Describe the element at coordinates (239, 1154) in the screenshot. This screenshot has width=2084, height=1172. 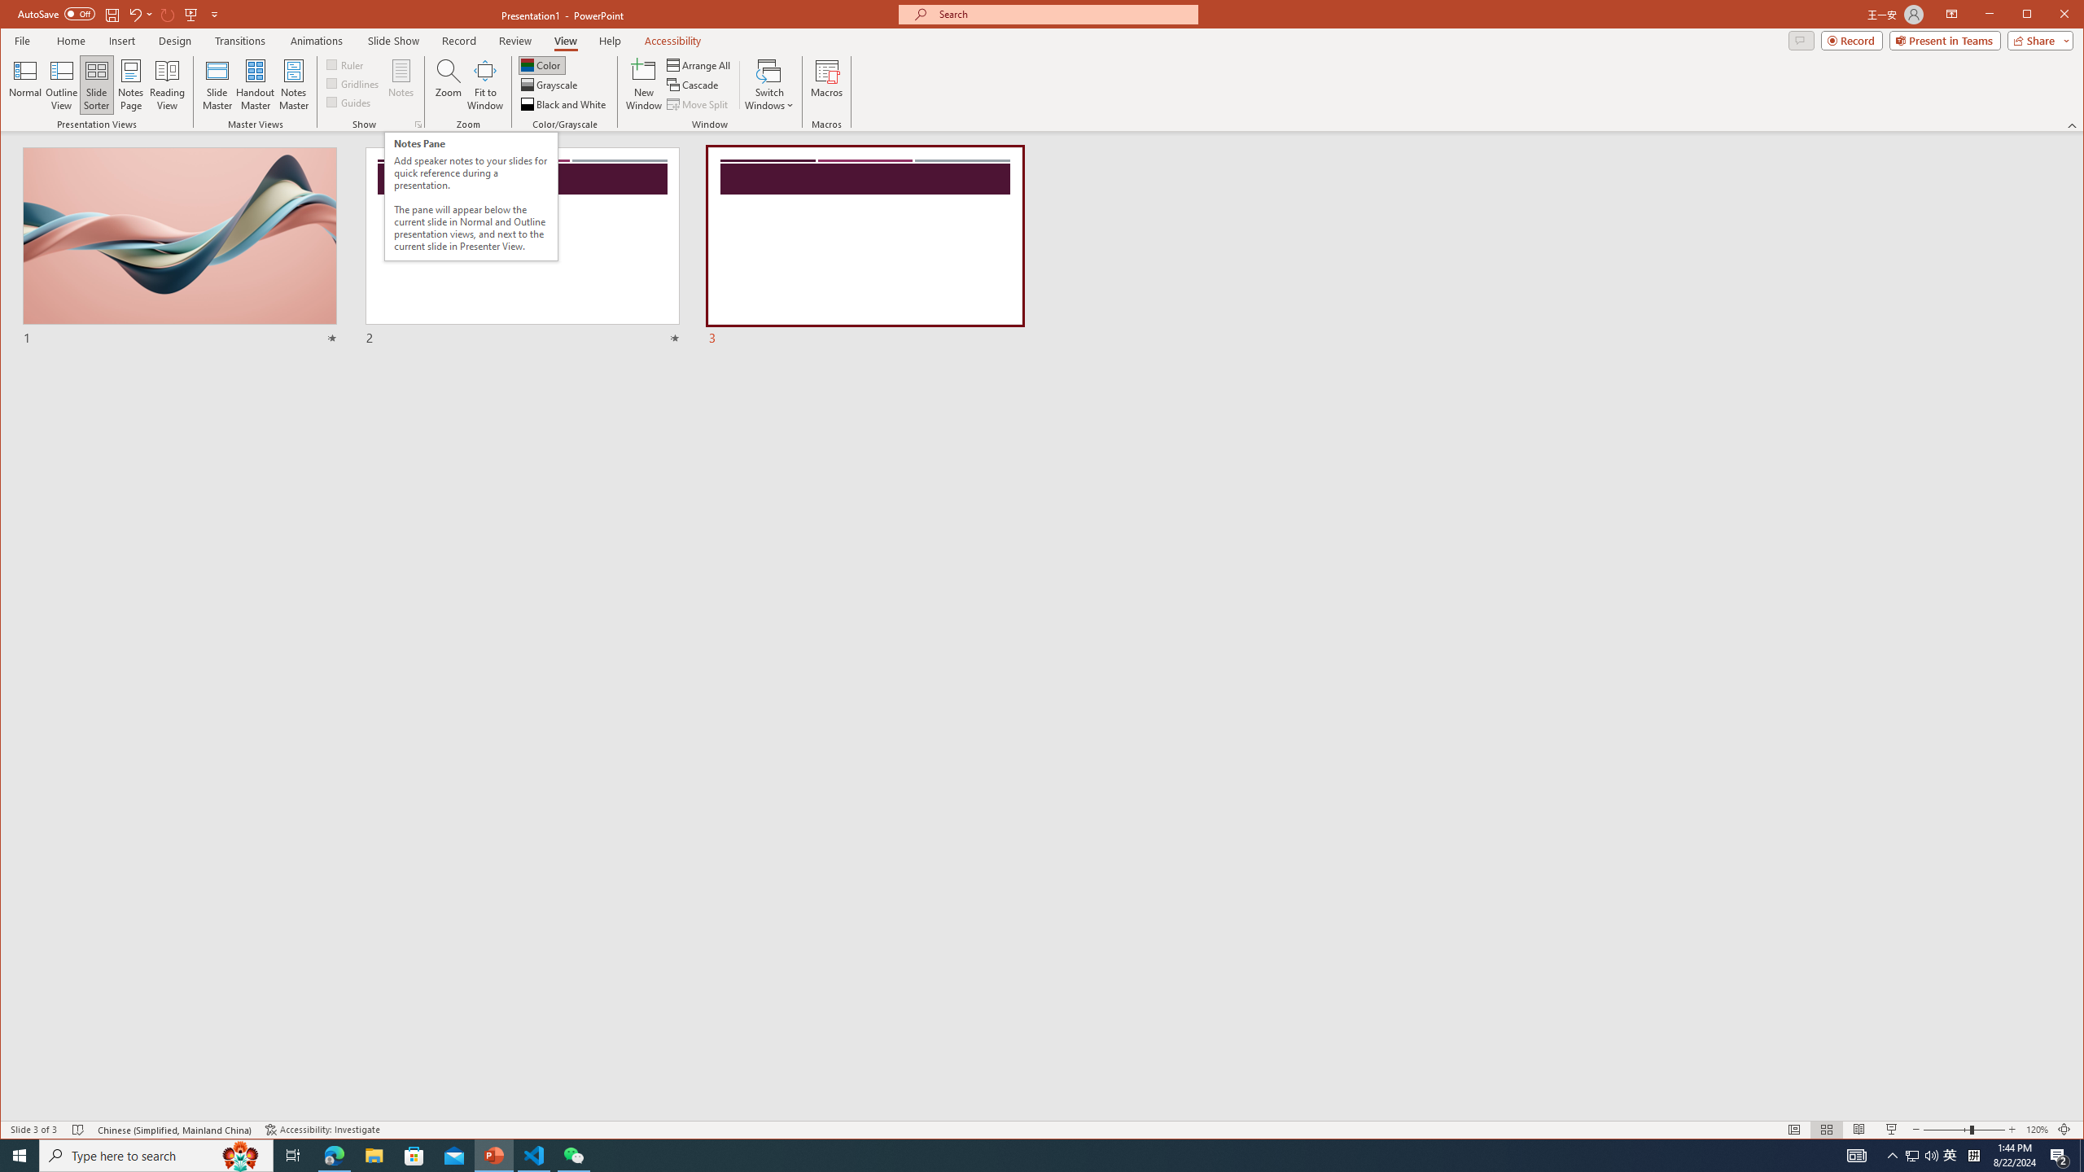
I see `'Search highlights icon opens search home window'` at that location.